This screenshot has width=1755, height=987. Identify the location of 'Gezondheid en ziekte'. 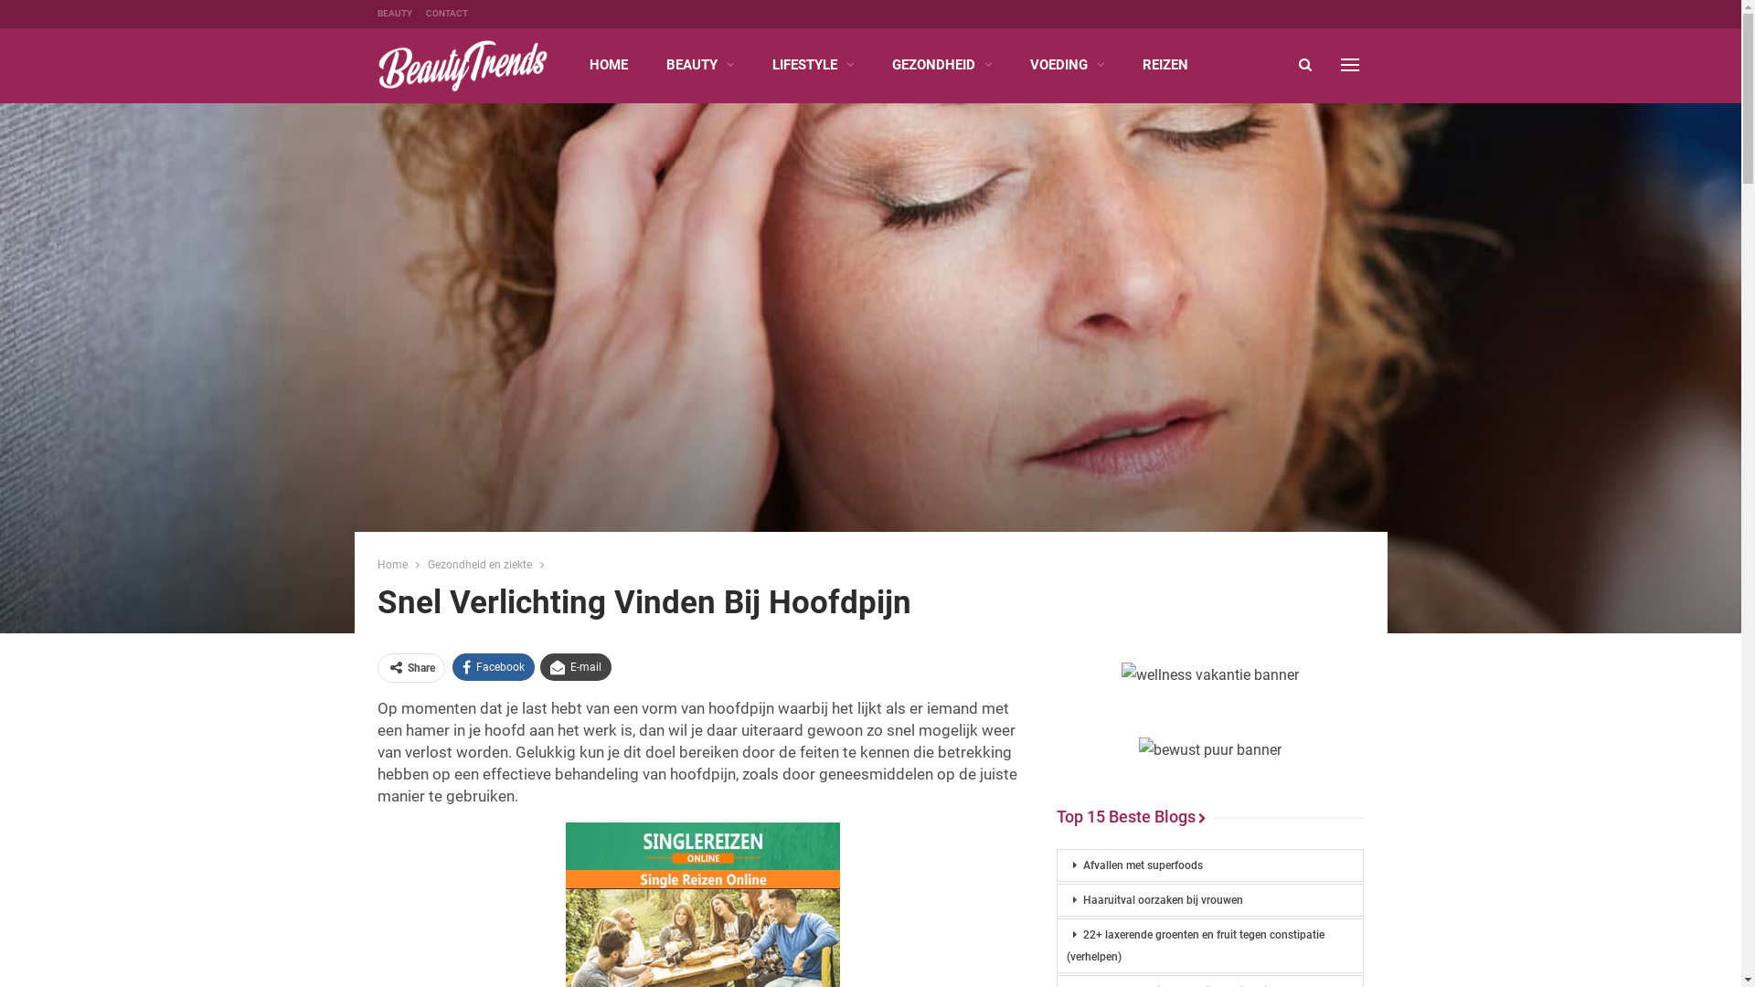
(479, 563).